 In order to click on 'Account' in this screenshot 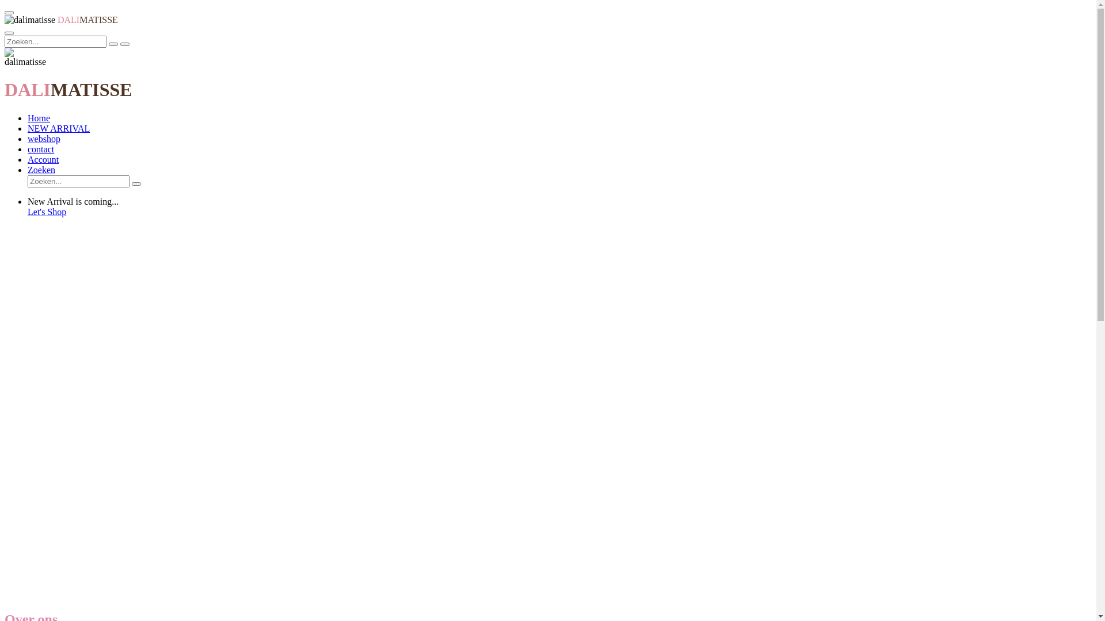, I will do `click(43, 159)`.